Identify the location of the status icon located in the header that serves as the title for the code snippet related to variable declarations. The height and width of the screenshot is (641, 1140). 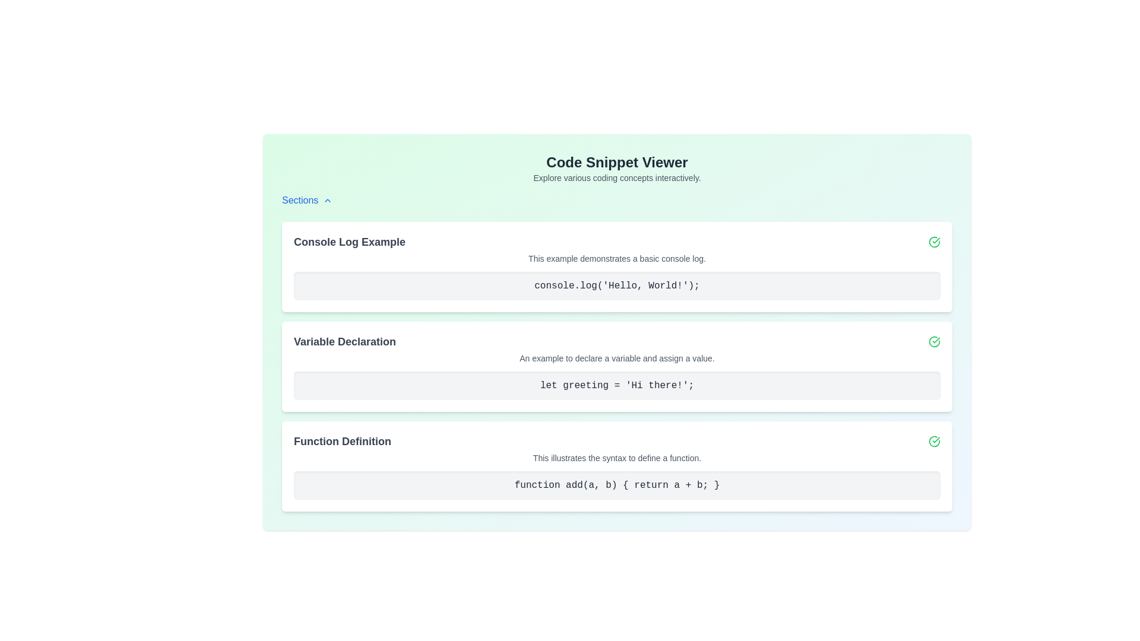
(617, 341).